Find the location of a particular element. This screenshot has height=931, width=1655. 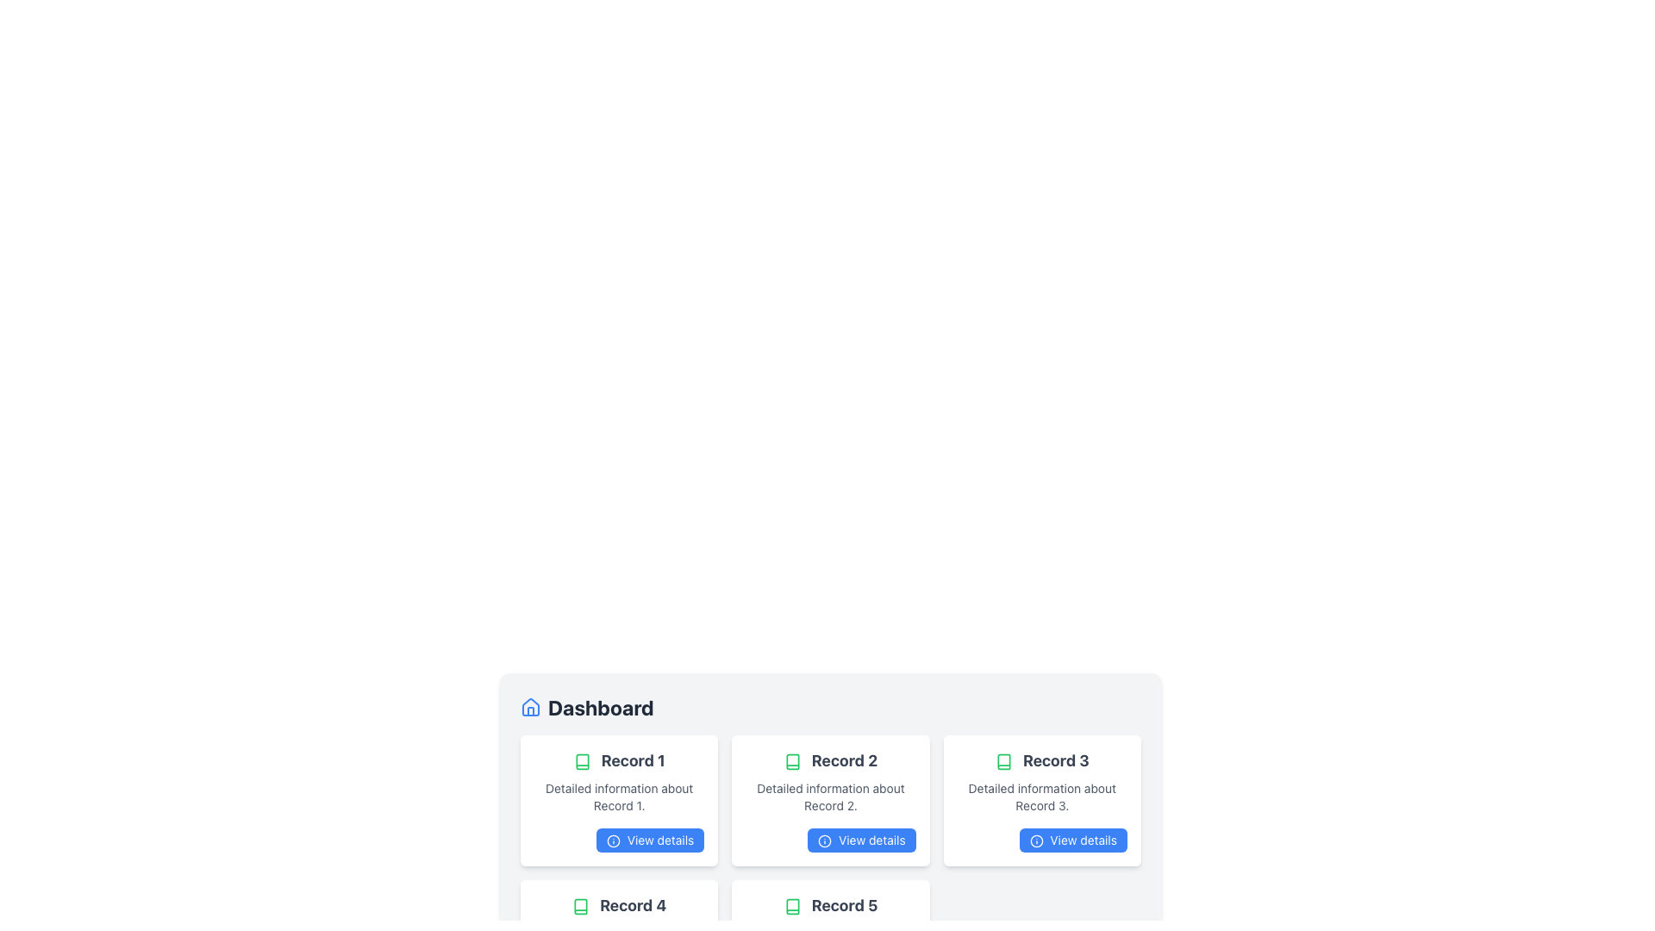

the button labeled 'View details' with a blue background and white text, located is located at coordinates (1041, 840).